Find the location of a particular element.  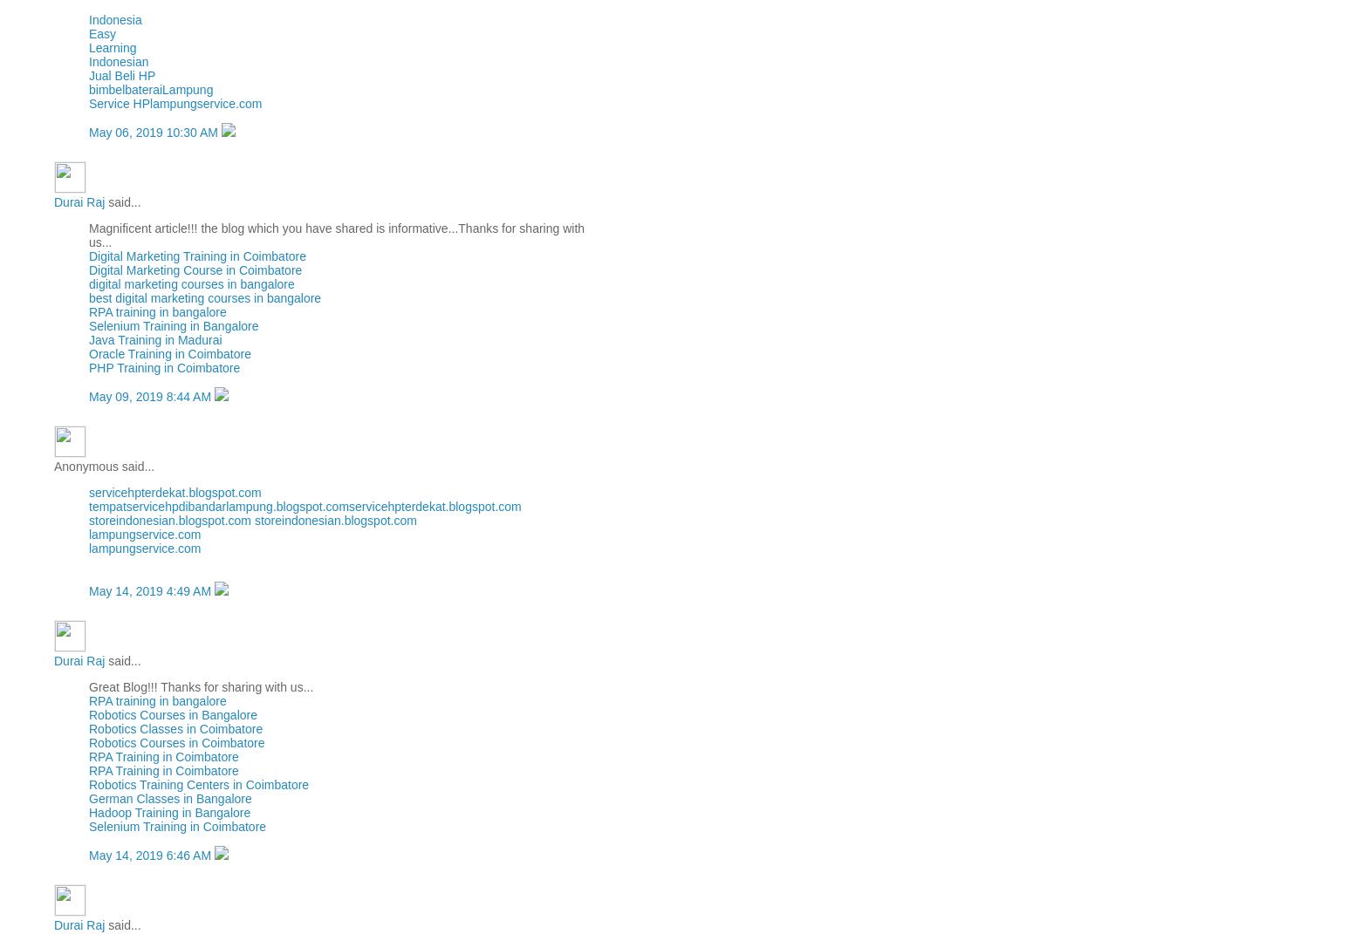

'Easy' is located at coordinates (101, 32).